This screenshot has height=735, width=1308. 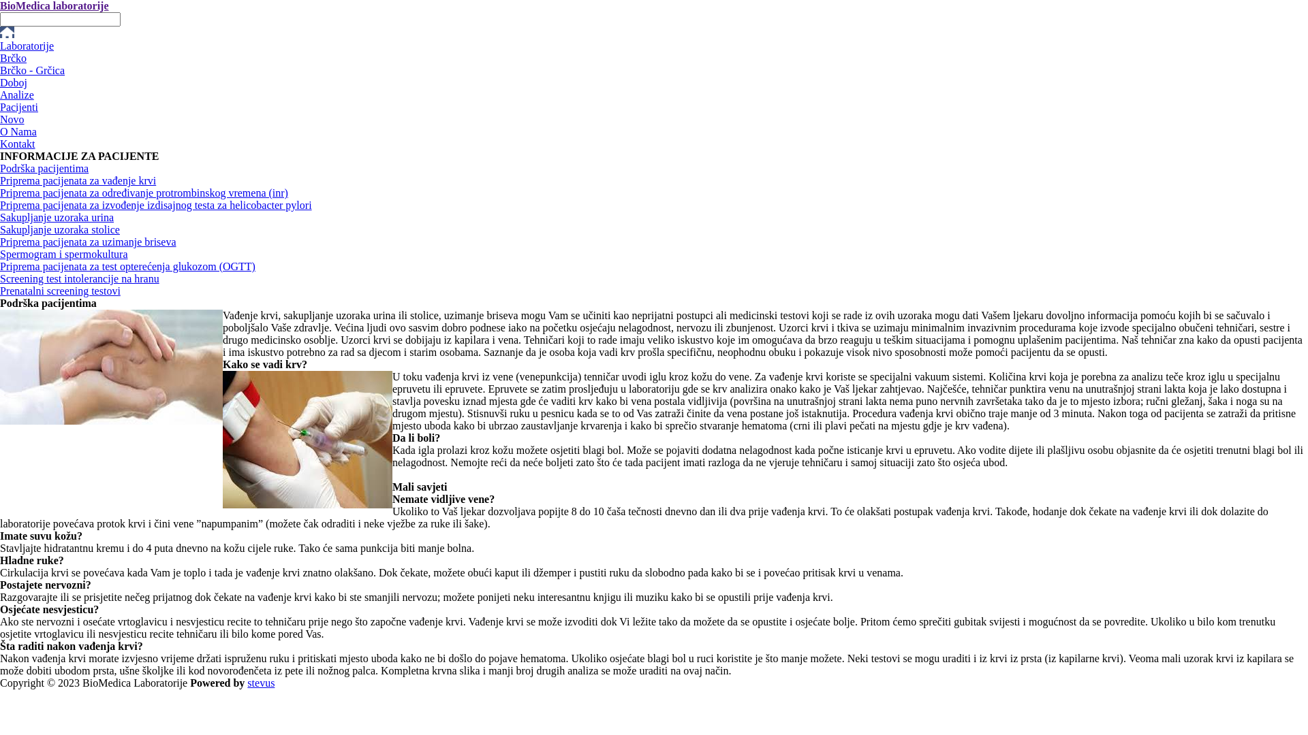 I want to click on 'Sakupljanje uzoraka urina', so click(x=56, y=216).